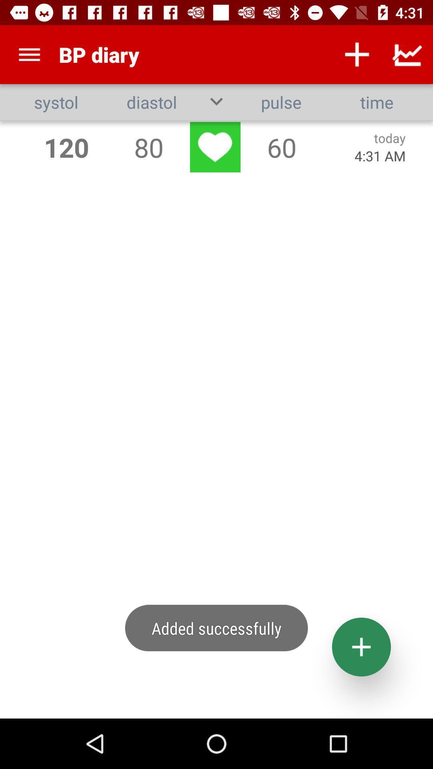 The image size is (433, 769). Describe the element at coordinates (357, 54) in the screenshot. I see `the app next to bp diary item` at that location.